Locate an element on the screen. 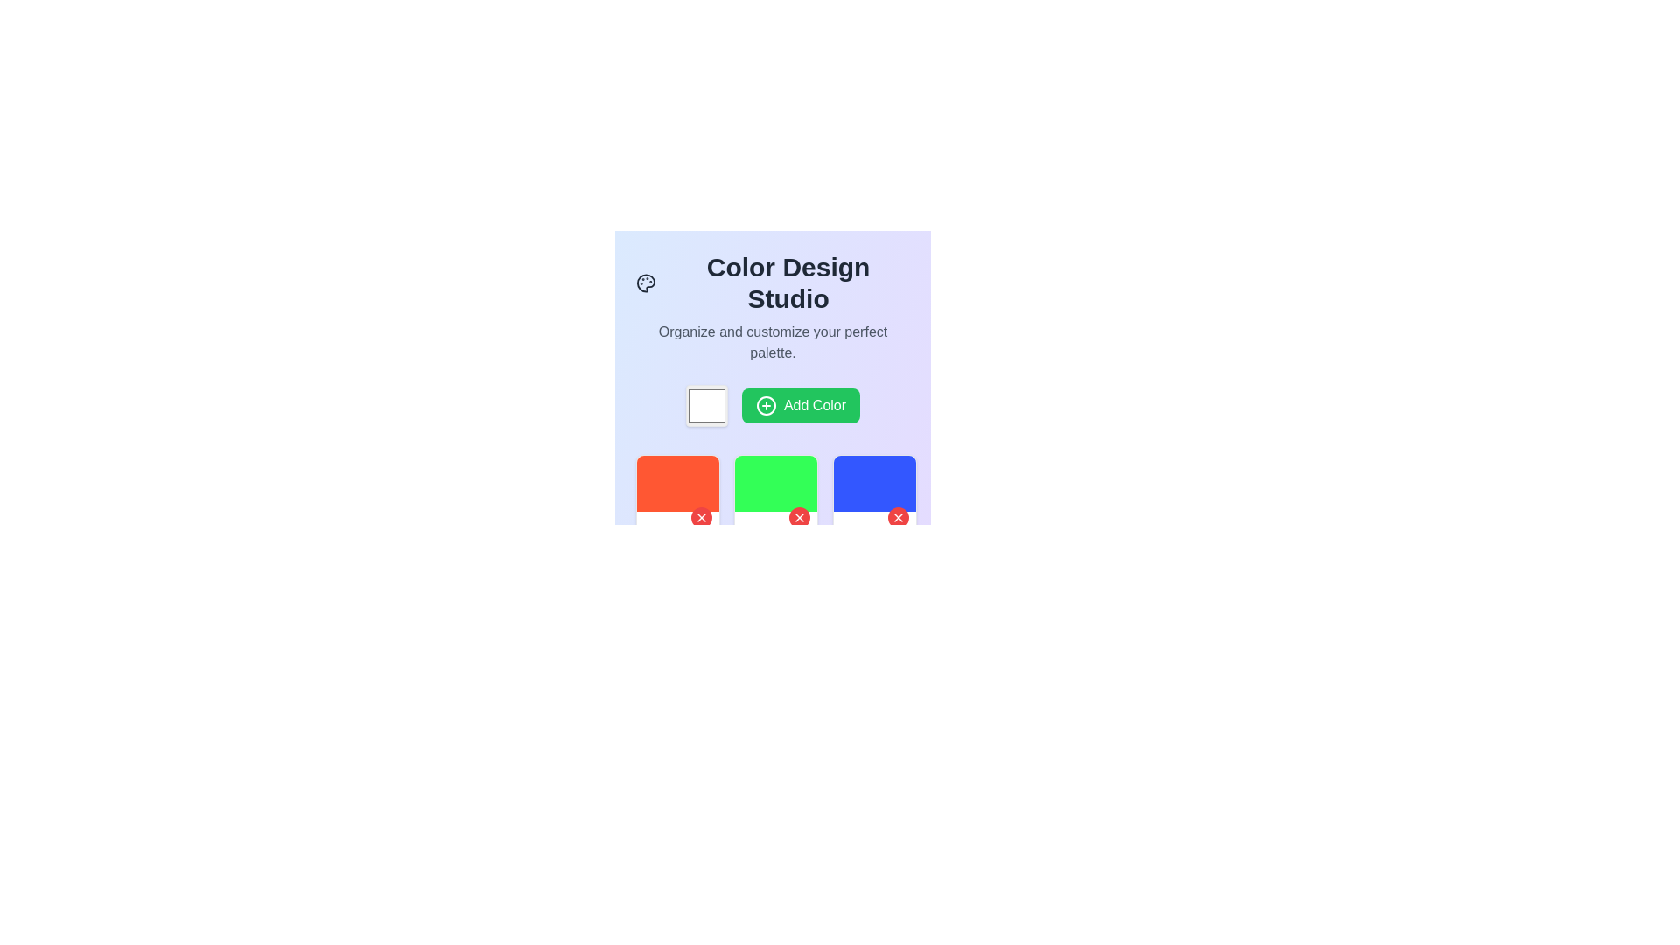  the button located in the 'Color Design Studio' section, positioned below the main header and above a row of colored tiles is located at coordinates (772, 405).